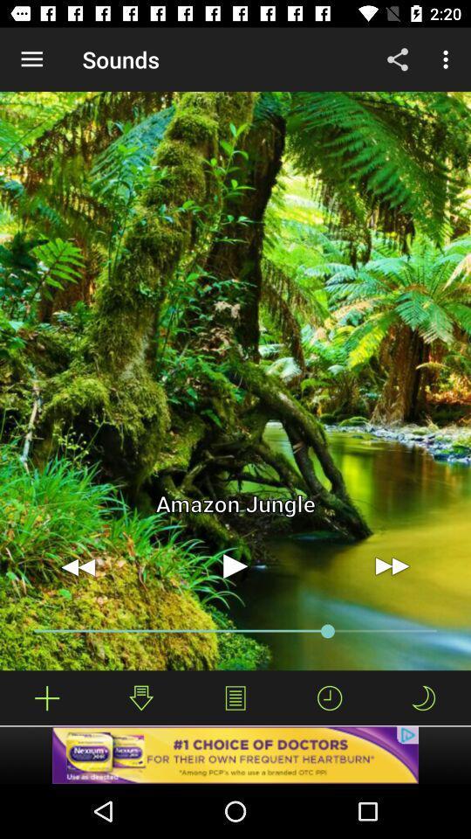 Image resolution: width=471 pixels, height=839 pixels. Describe the element at coordinates (422, 697) in the screenshot. I see `sleep-mode` at that location.